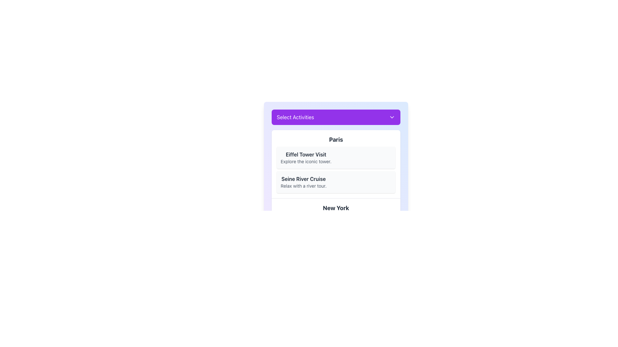 This screenshot has width=618, height=347. Describe the element at coordinates (305, 155) in the screenshot. I see `the bold text label that reads 'Eiffel Tower Visit' located at the top of the first card in the 'Paris' section` at that location.